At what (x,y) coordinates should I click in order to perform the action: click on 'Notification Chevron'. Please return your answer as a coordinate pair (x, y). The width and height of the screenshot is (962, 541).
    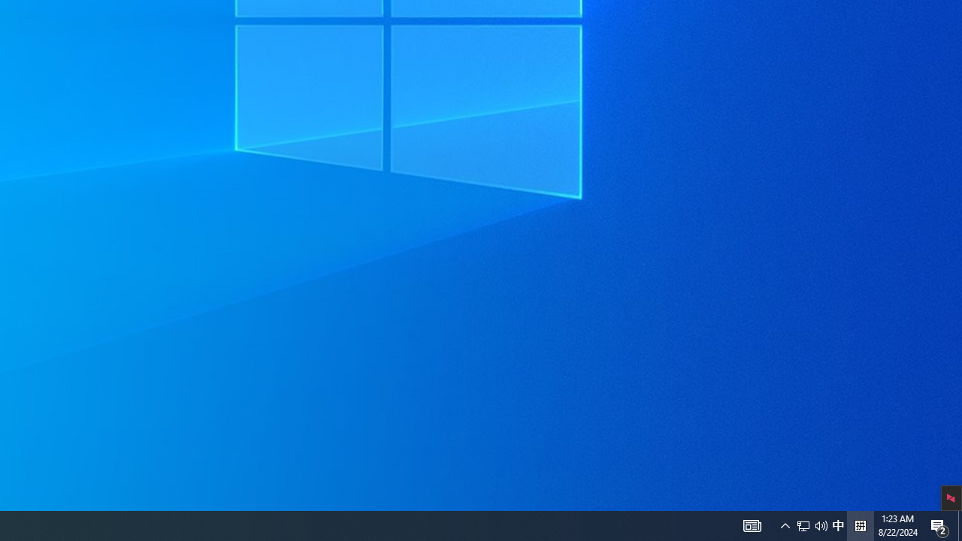
    Looking at the image, I should click on (803, 524).